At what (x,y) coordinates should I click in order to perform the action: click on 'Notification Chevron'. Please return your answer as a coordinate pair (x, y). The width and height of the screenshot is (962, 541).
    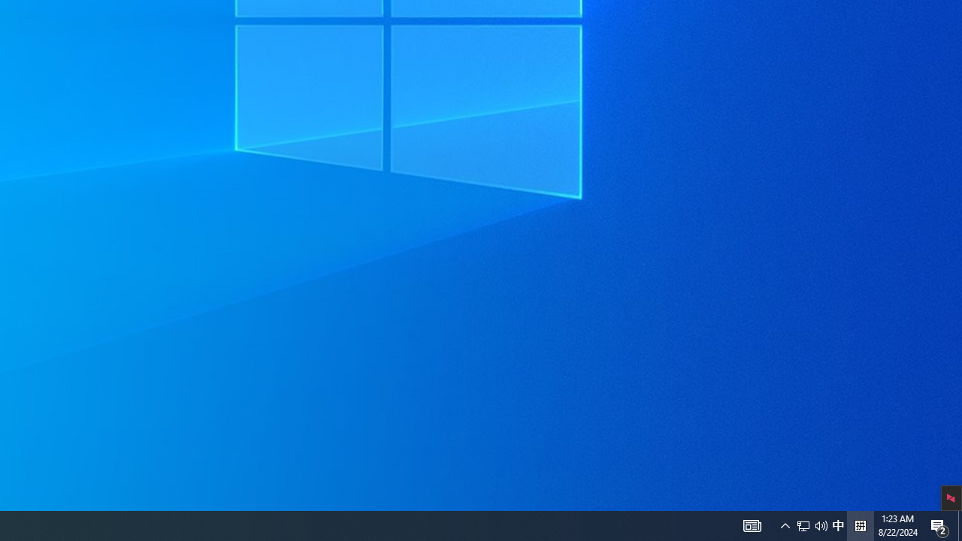
    Looking at the image, I should click on (803, 524).